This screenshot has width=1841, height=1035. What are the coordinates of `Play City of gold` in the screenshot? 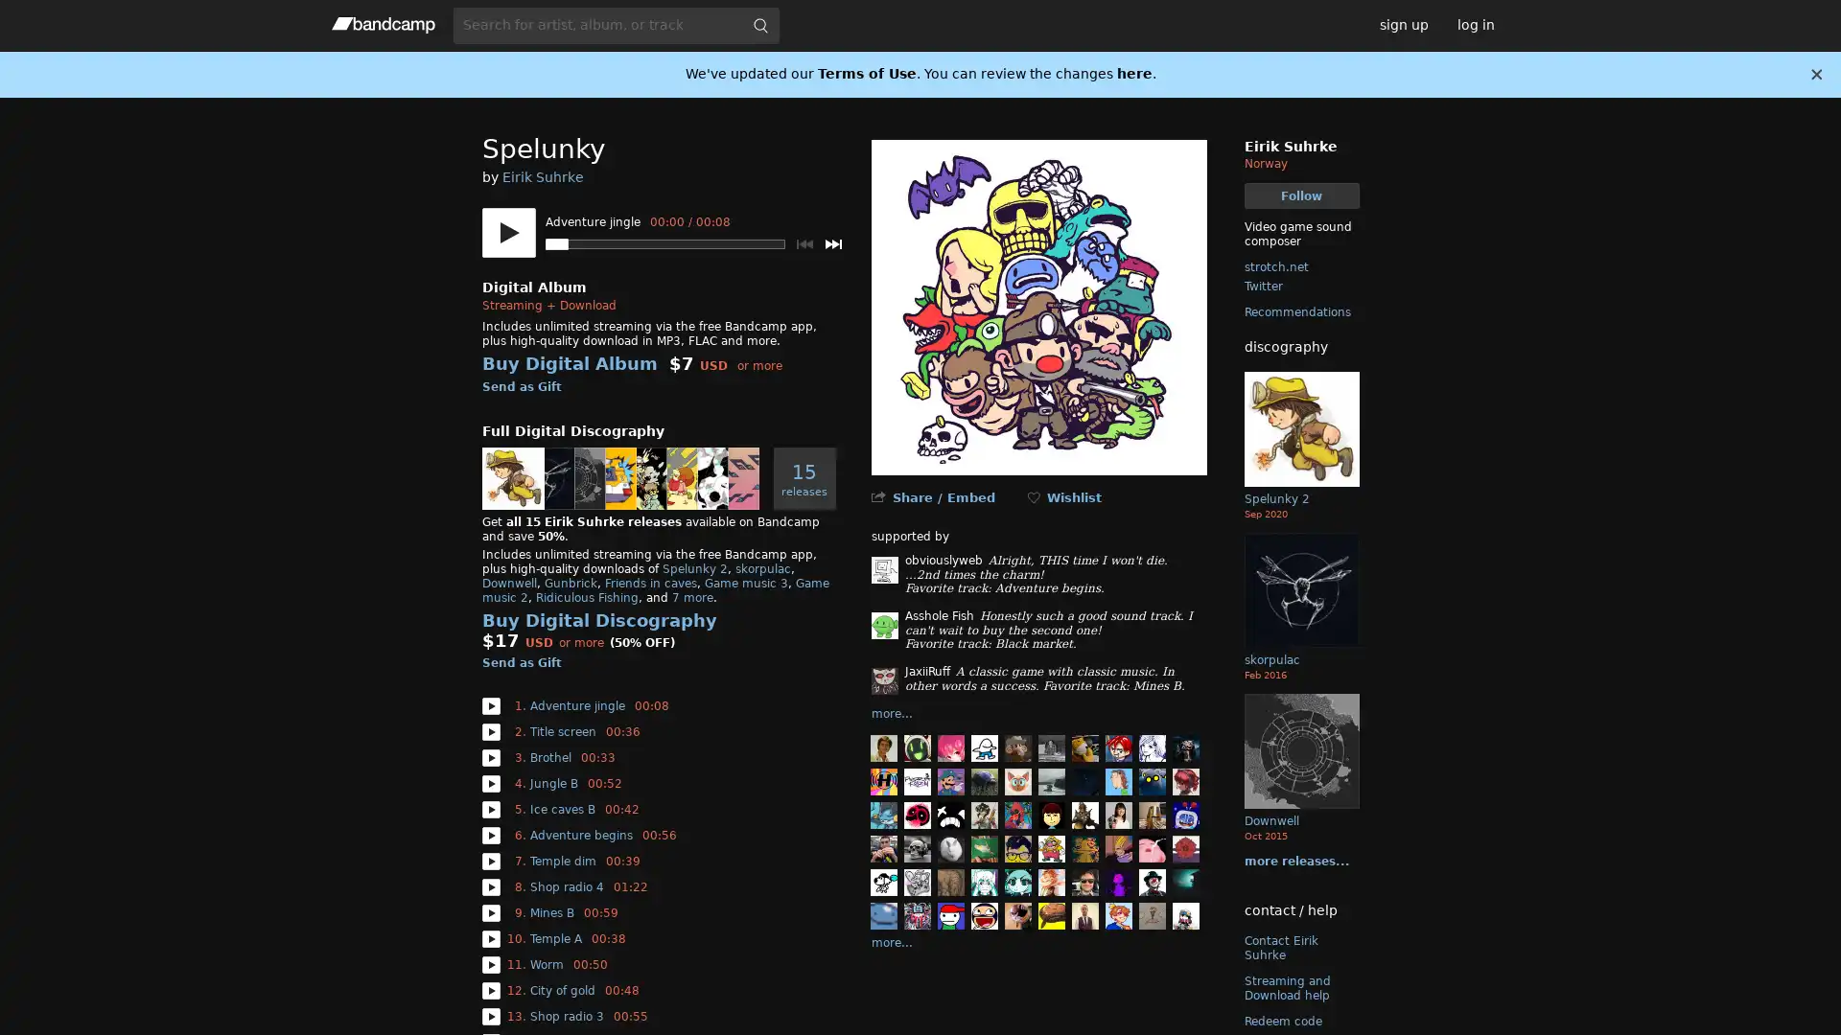 It's located at (490, 990).